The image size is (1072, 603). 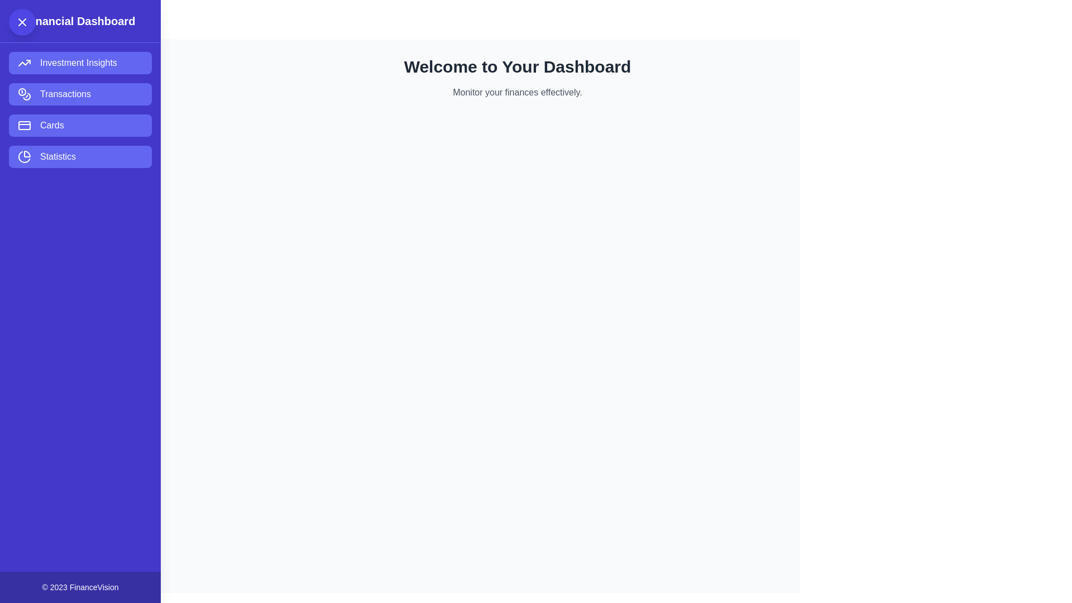 I want to click on the small rectangular graphical component with rounded corners located inside the 'Cards' navigation button in the left sidebar, positioned at the center of the icon, so click(x=24, y=125).